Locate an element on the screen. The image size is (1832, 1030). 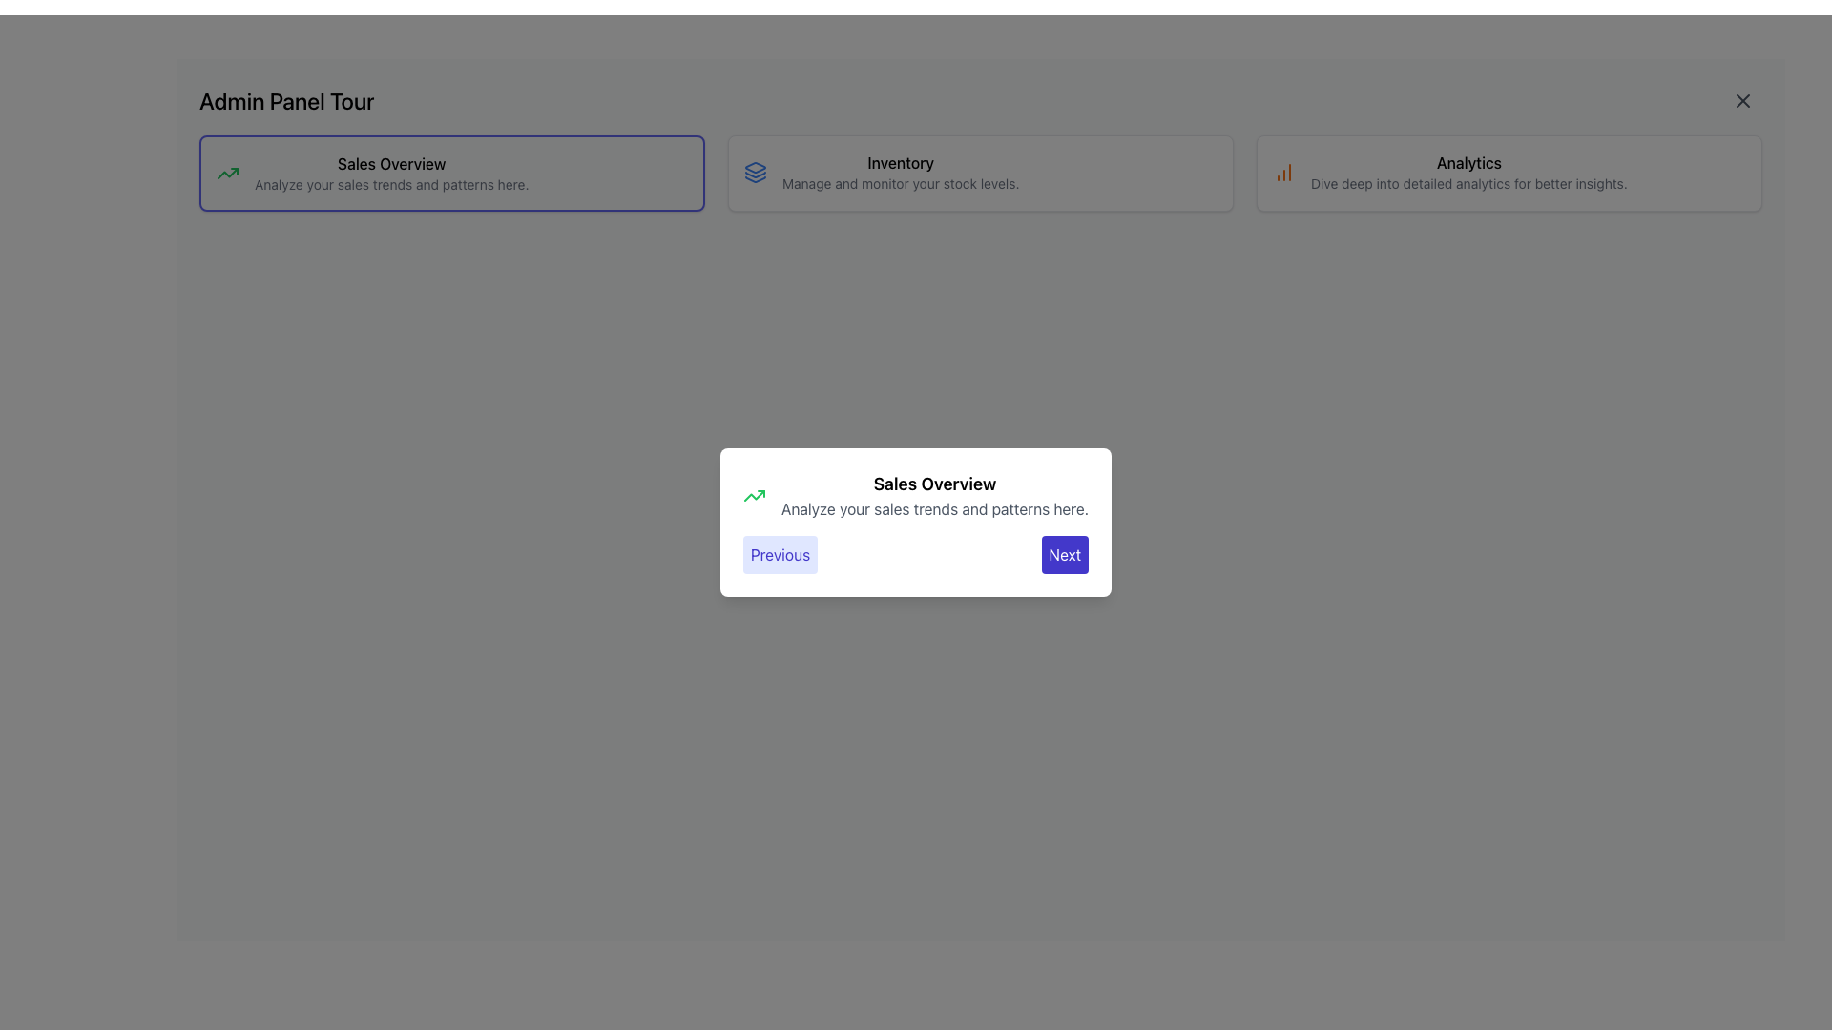
the growth icon located before the 'Sales Overview' text in the Admin Panel Tour, which emphasizes the section's purpose is located at coordinates (228, 173).